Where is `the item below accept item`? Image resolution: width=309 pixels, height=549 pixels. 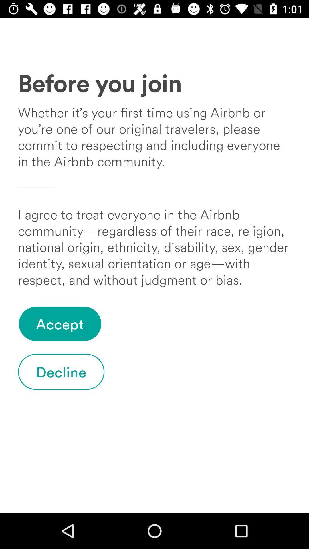
the item below accept item is located at coordinates (61, 372).